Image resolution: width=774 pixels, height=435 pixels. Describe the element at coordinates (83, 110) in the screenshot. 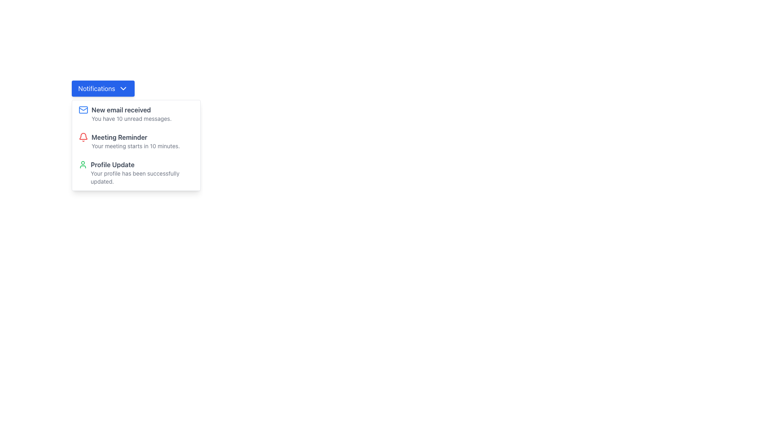

I see `the email notification icon located at the left edge of the 'New email received' notification card` at that location.